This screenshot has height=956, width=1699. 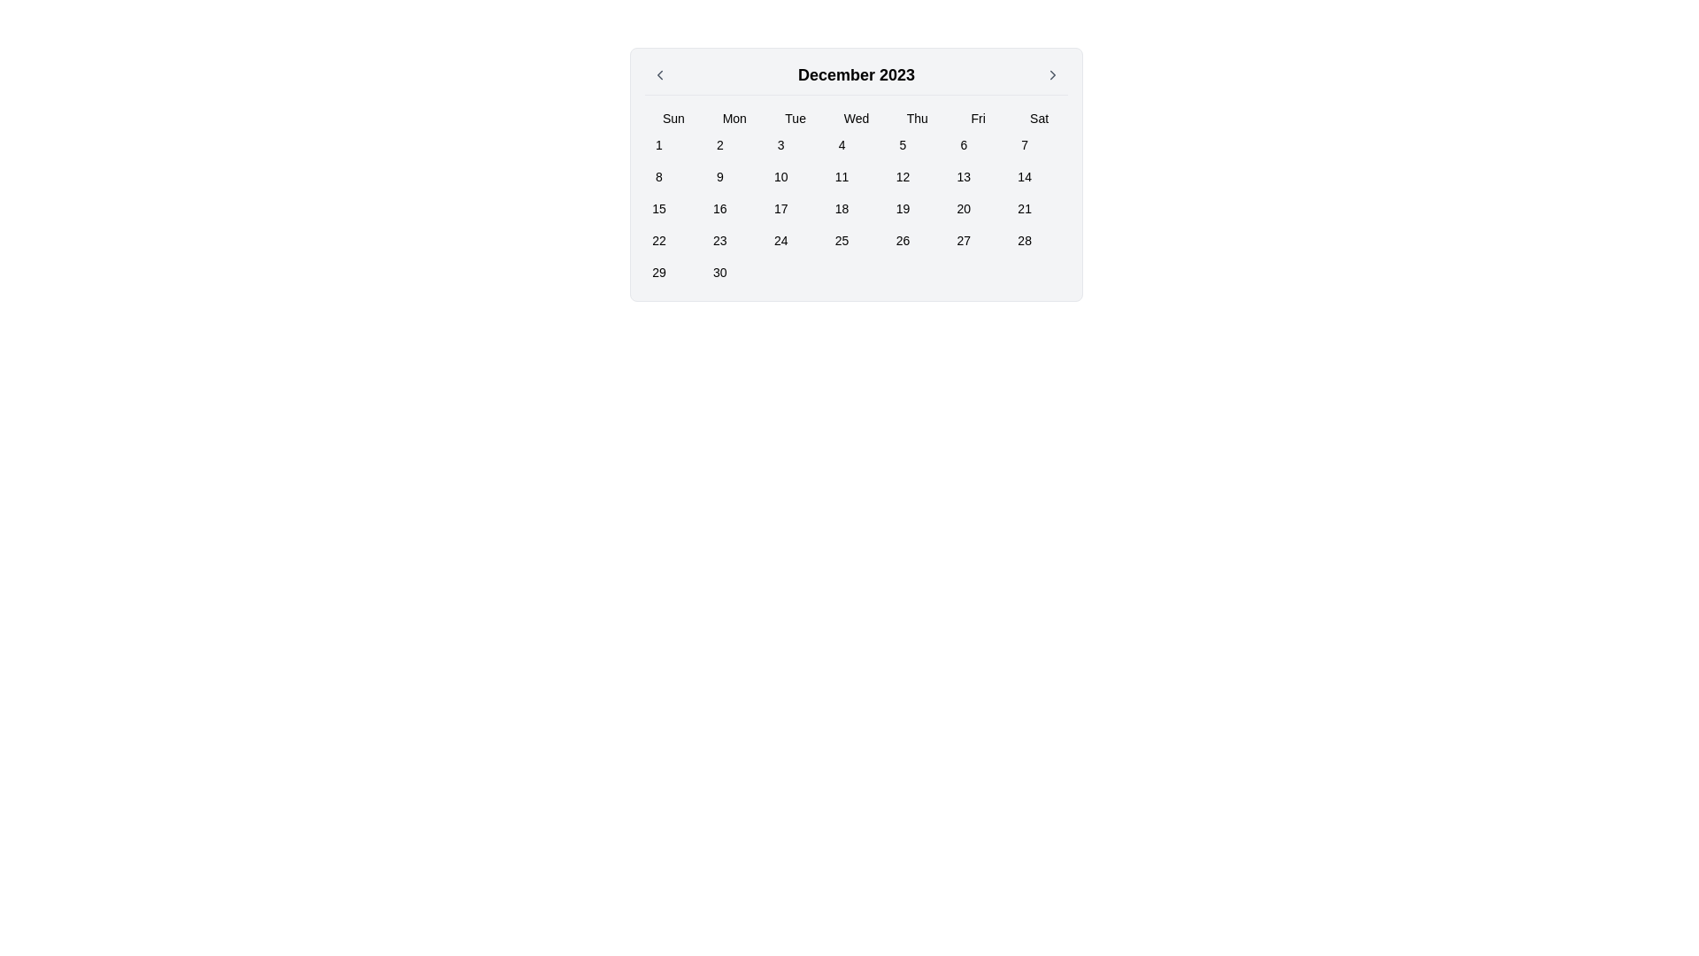 I want to click on the date '26' button in the calendar interface for navigation, so click(x=903, y=241).